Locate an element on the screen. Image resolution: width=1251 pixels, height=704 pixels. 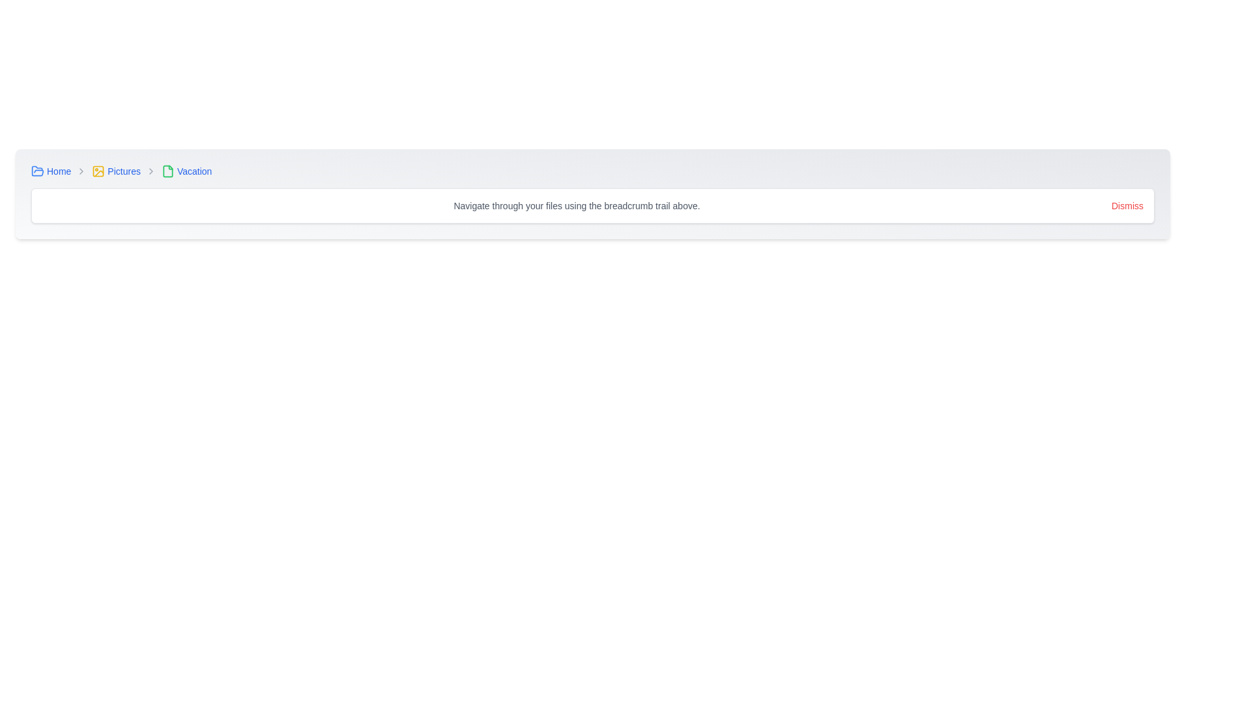
the blue outlined folder icon, which is the second icon in the breadcrumb navigation is located at coordinates (37, 170).